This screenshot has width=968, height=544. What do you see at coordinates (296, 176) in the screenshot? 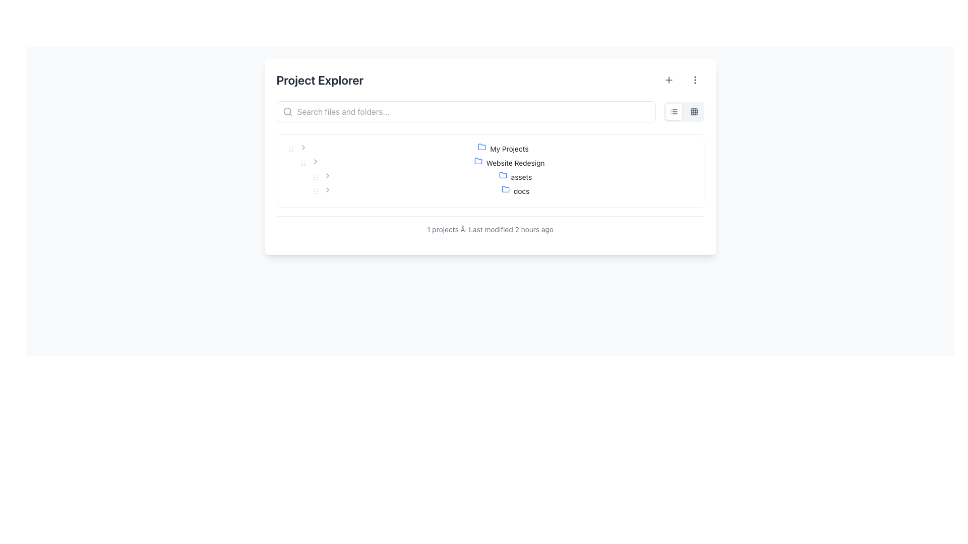
I see `the indentation unit within the 'assets' node in the Project Explorer` at bounding box center [296, 176].